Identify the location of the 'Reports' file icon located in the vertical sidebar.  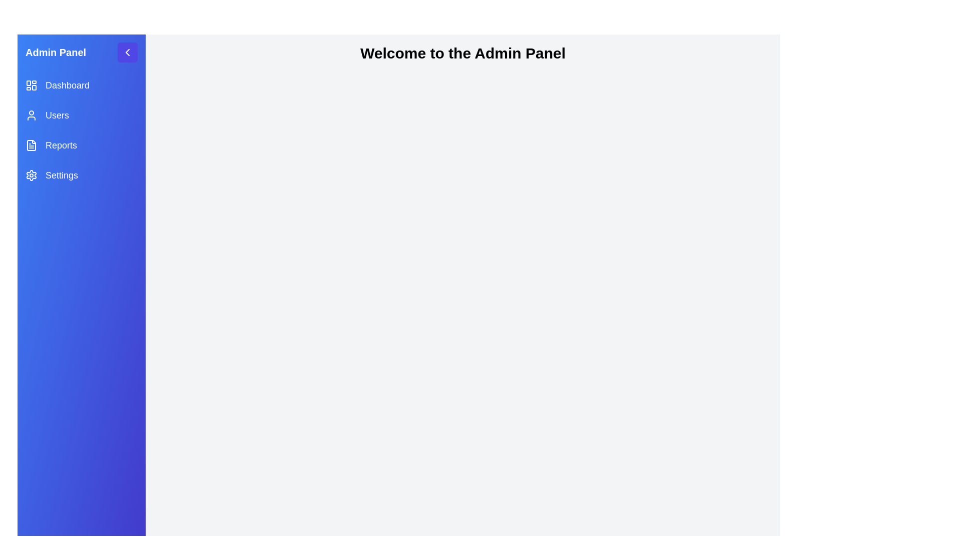
(31, 145).